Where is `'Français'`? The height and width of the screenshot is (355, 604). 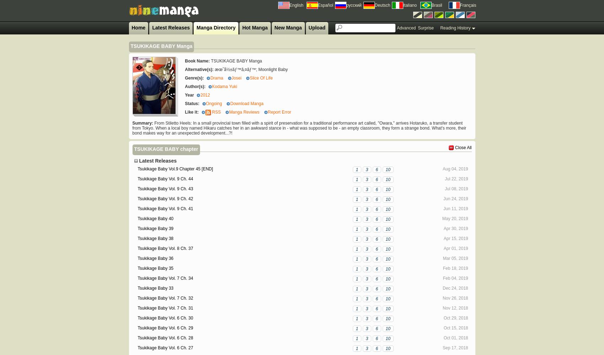 'Français' is located at coordinates (468, 5).